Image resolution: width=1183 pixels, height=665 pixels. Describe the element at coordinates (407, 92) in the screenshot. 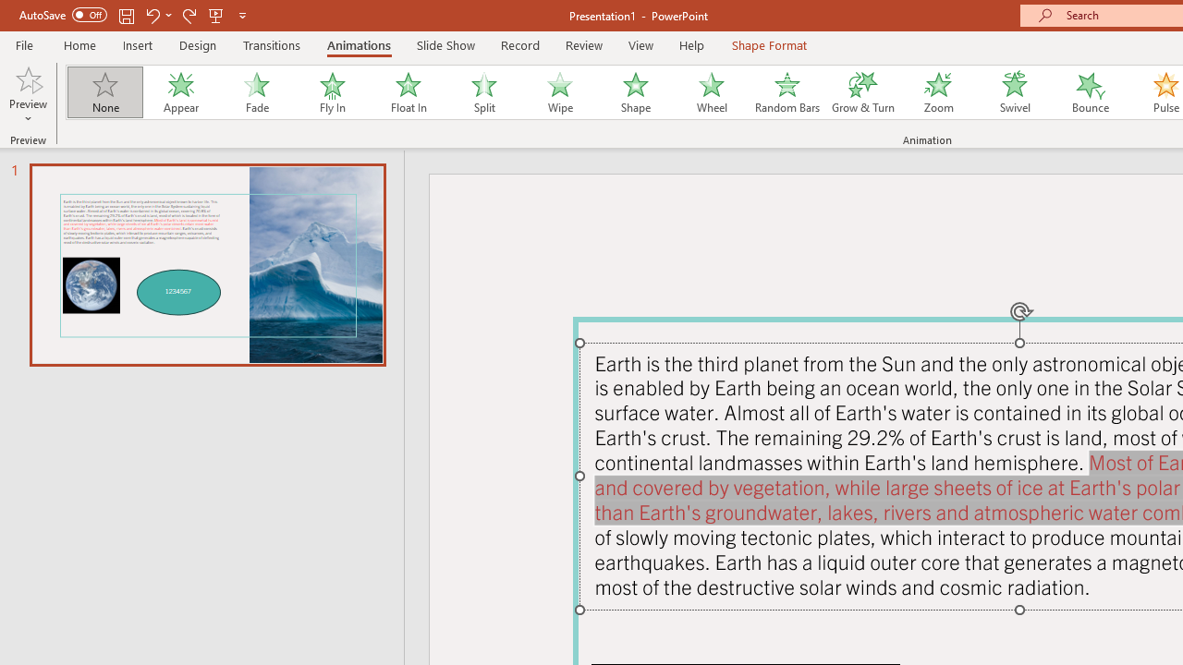

I see `'Float In'` at that location.